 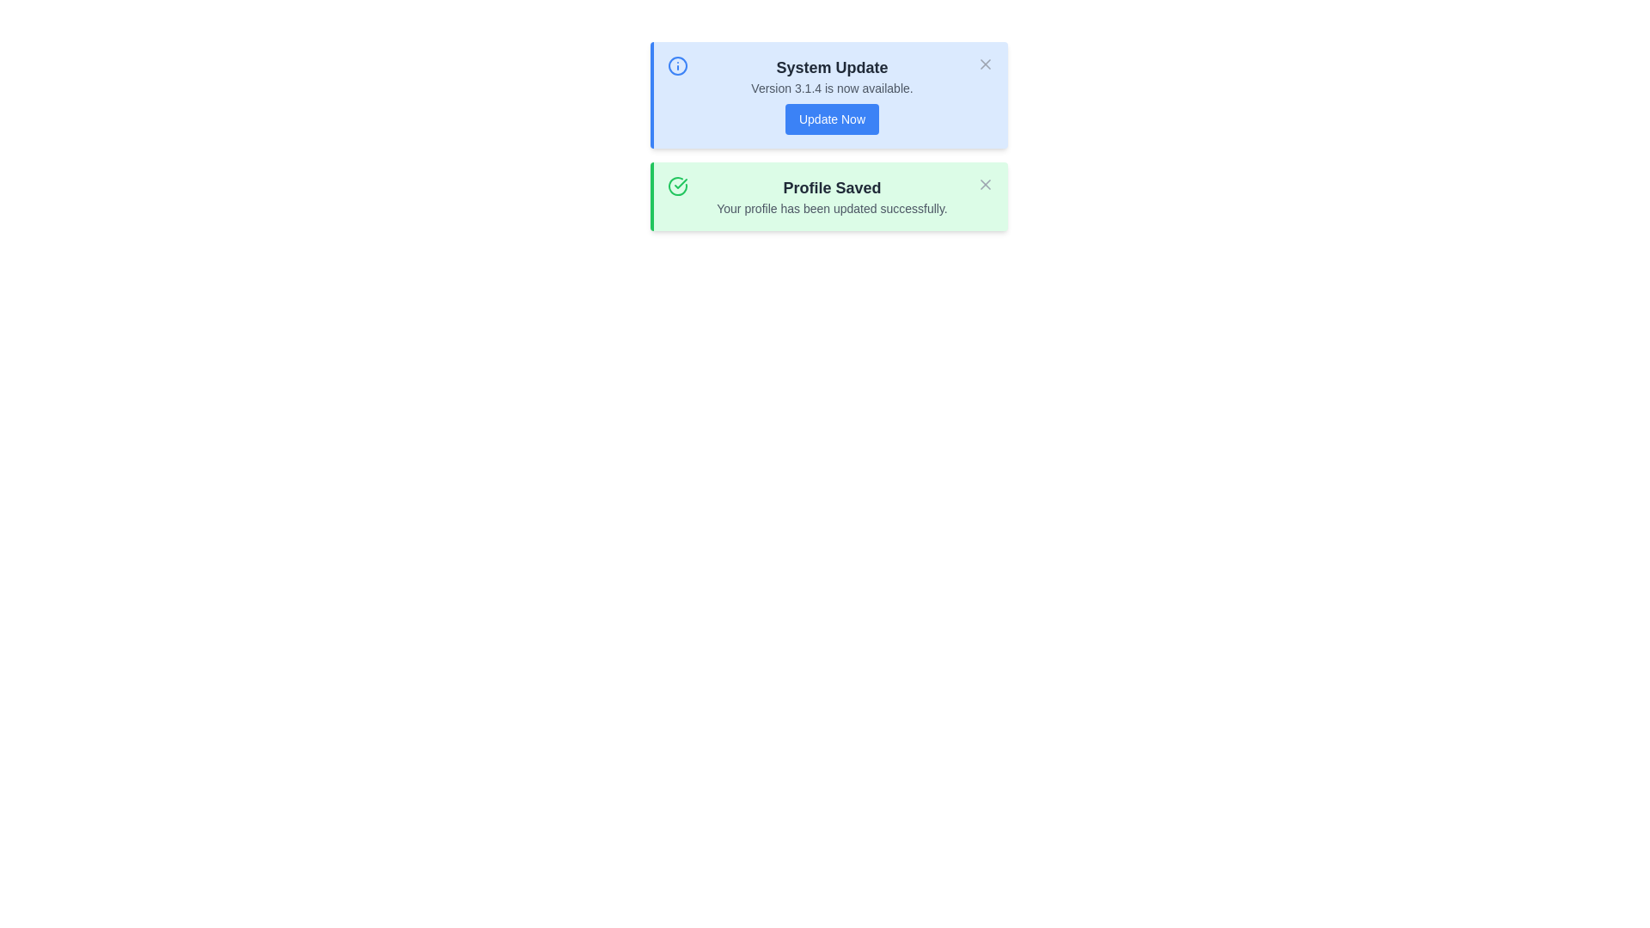 What do you see at coordinates (985, 63) in the screenshot?
I see `the close button located at the top-right corner of the 'System Update' card to enhance accessibility` at bounding box center [985, 63].